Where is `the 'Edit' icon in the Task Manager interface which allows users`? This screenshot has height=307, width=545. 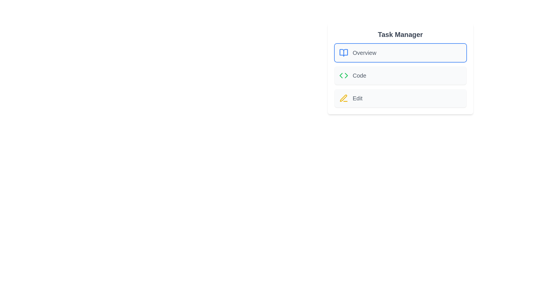 the 'Edit' icon in the Task Manager interface which allows users is located at coordinates (343, 98).